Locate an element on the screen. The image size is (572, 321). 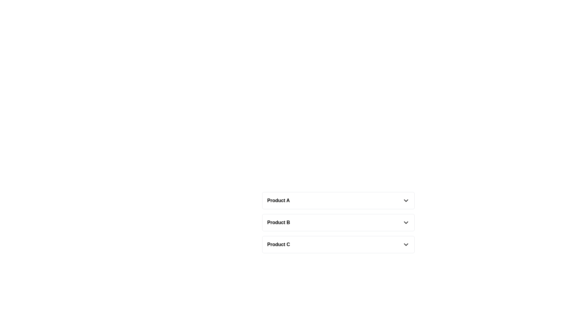
the downward-pointing chevron icon located in the 'Product B' row to trigger any hover effects is located at coordinates (406, 222).